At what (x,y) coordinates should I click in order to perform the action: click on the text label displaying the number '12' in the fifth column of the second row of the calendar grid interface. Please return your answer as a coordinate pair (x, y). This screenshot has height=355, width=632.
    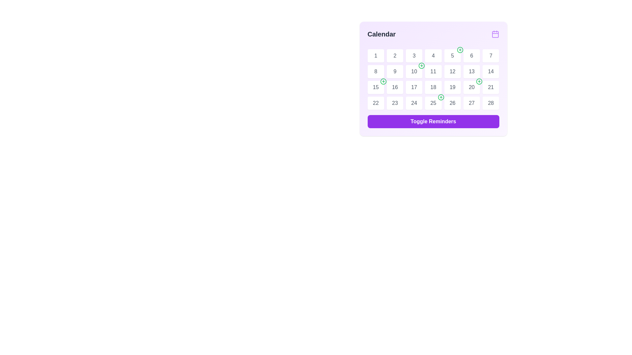
    Looking at the image, I should click on (452, 71).